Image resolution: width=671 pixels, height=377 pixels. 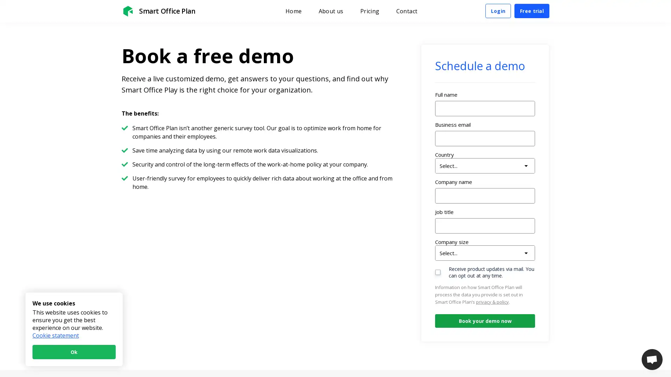 I want to click on Free trial, so click(x=531, y=11).